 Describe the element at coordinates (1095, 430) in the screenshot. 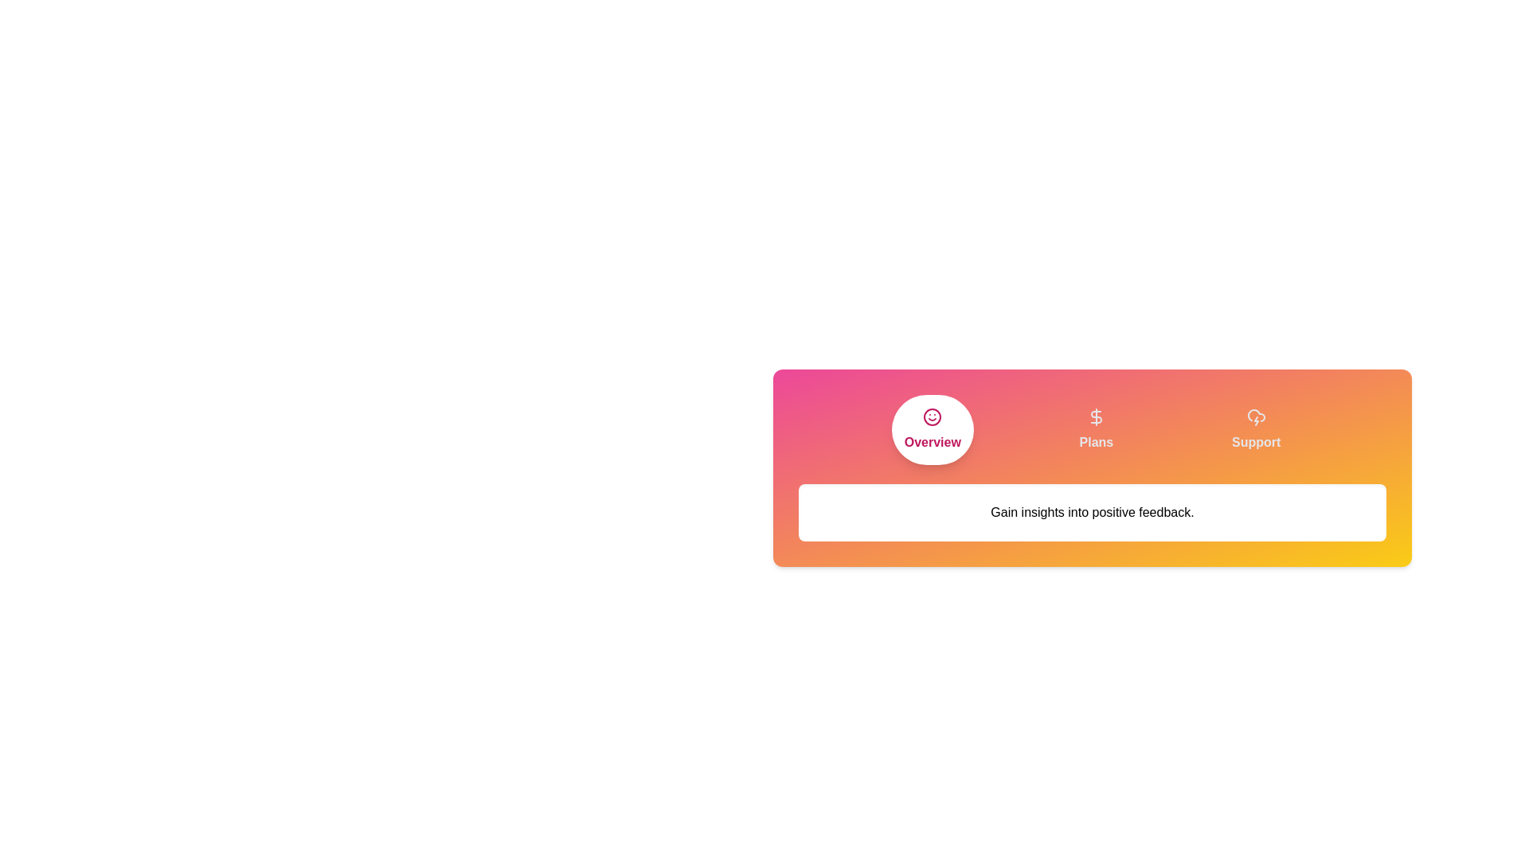

I see `the Plans tab` at that location.